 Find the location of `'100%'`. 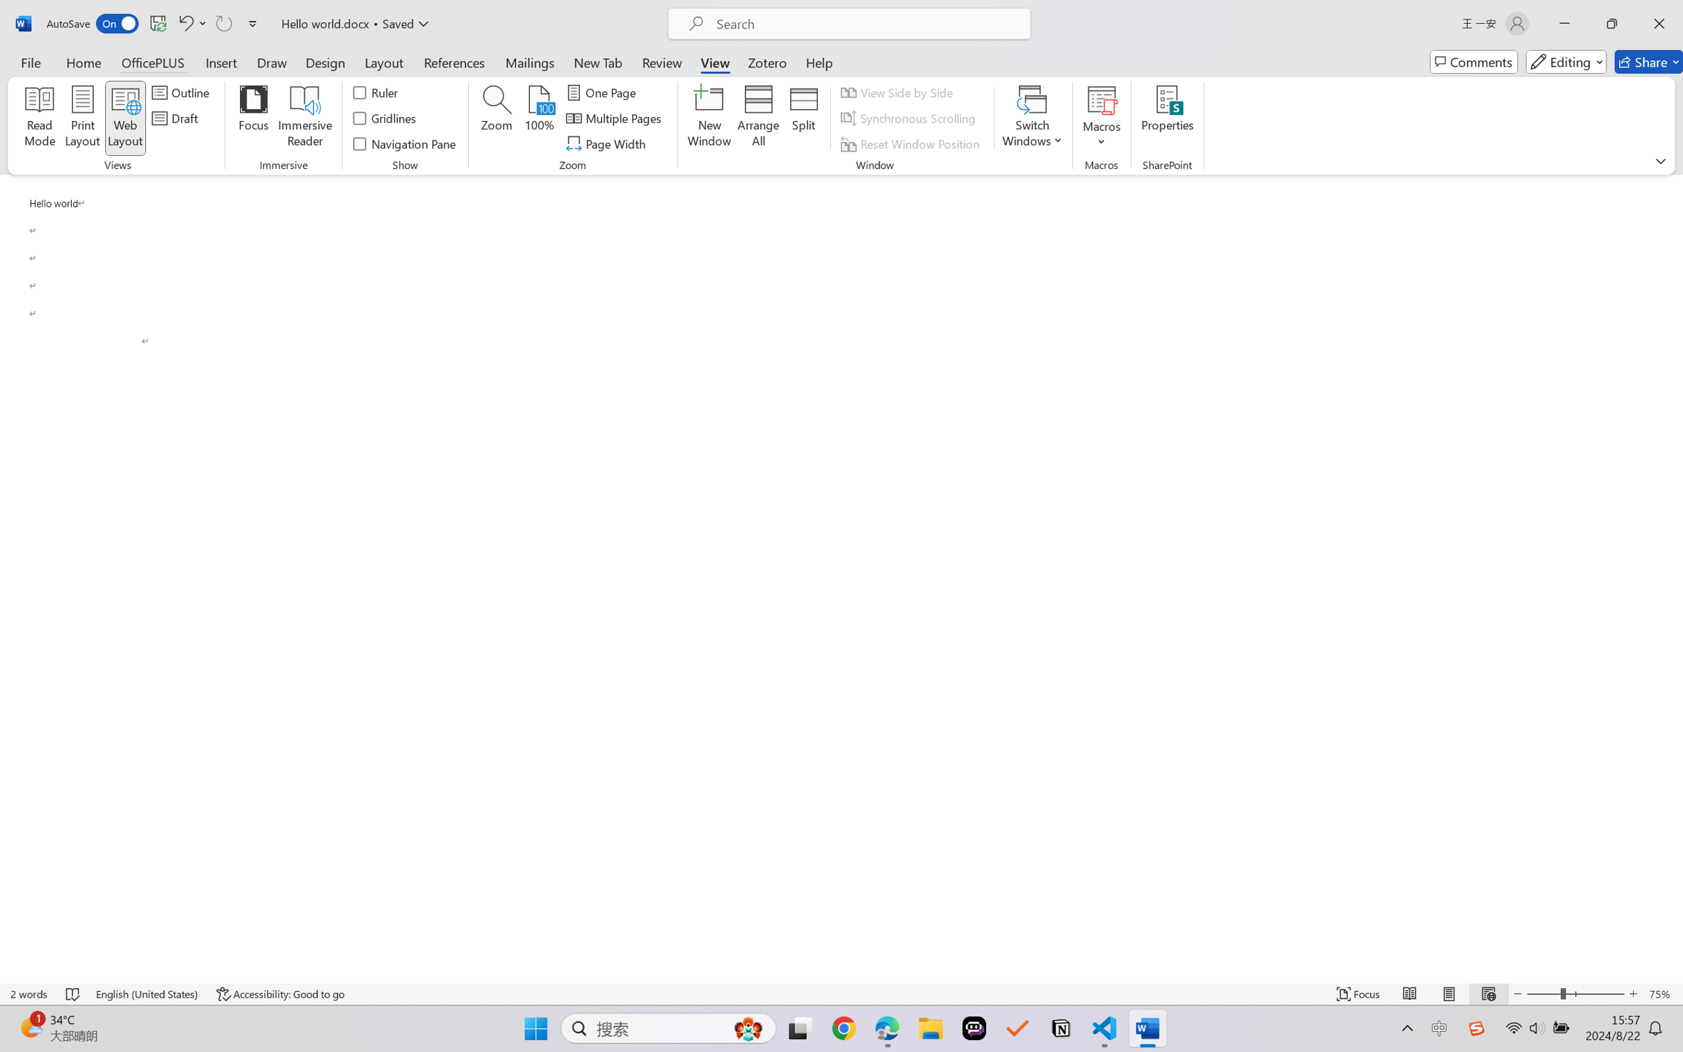

'100%' is located at coordinates (539, 118).